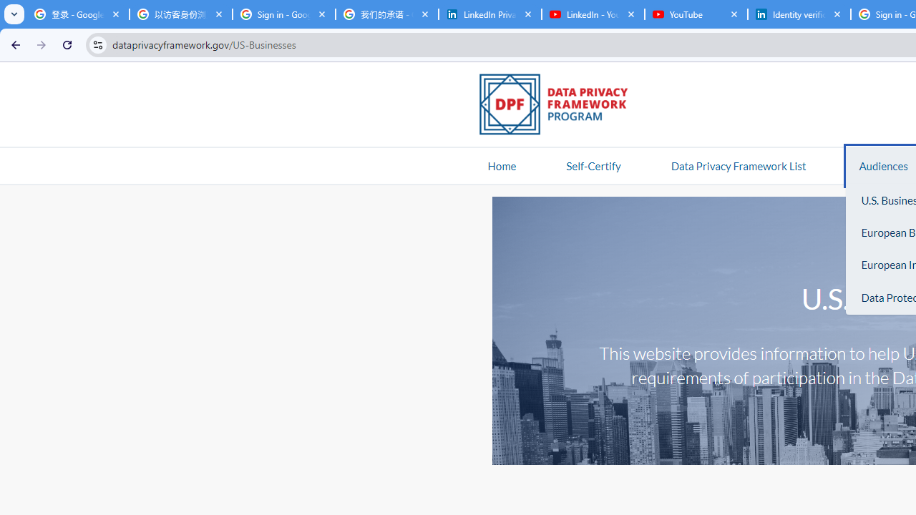 The image size is (916, 515). What do you see at coordinates (560, 106) in the screenshot?
I see `'Data Privacy Framework Logo - Link to Homepage'` at bounding box center [560, 106].